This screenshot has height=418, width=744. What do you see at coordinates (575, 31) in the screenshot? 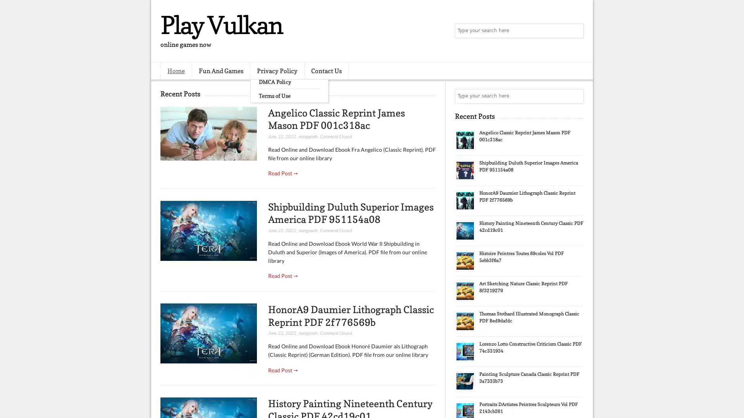
I see `Search` at bounding box center [575, 31].